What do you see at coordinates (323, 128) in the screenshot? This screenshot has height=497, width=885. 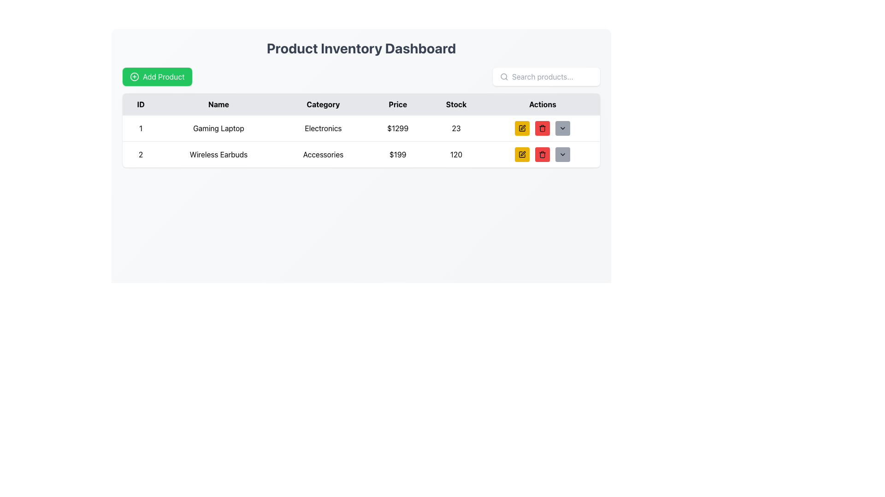 I see `the 'Electronics' text label in the 'Category' column of the product row labeled 'Gaming Laptop' with ID '1'` at bounding box center [323, 128].